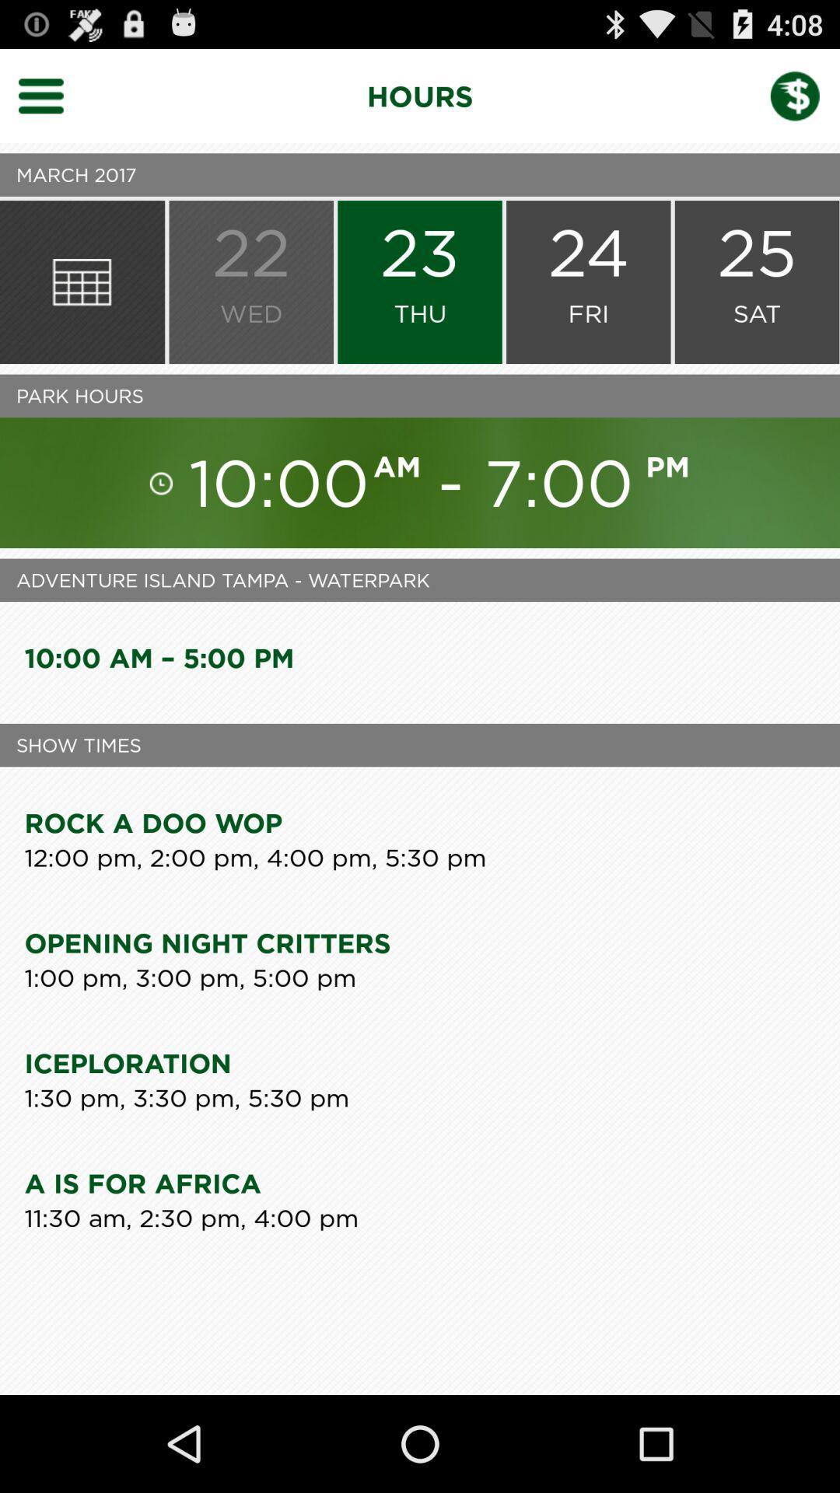 This screenshot has width=840, height=1493. Describe the element at coordinates (50, 102) in the screenshot. I see `the menu icon` at that location.